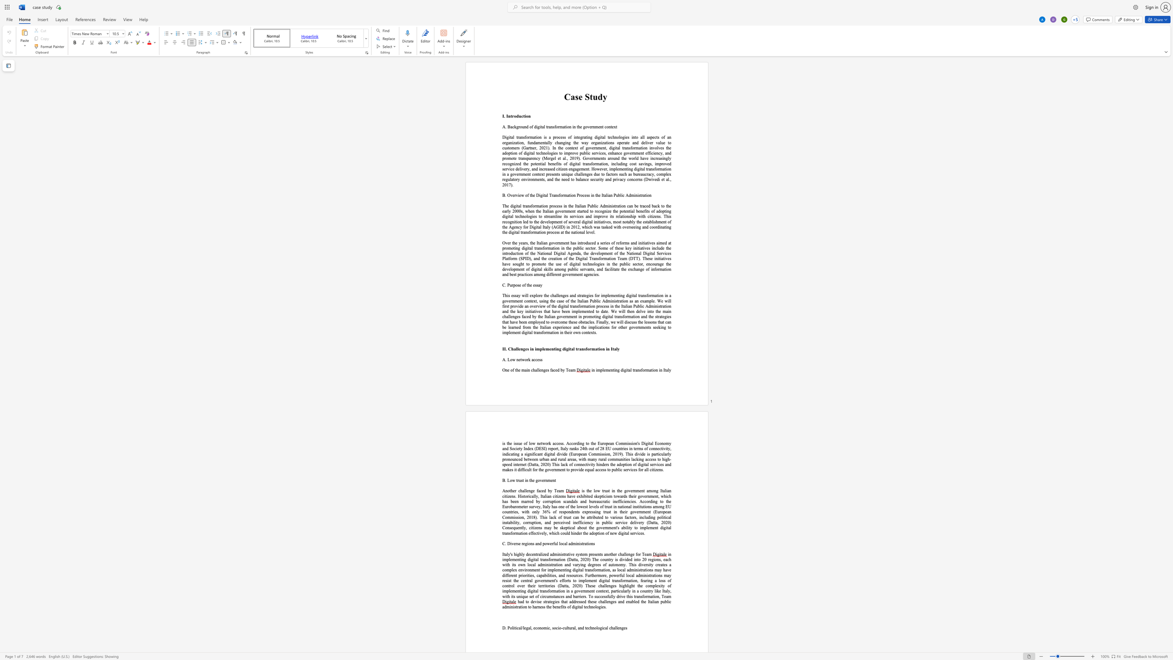  I want to click on the space between the continuous character "n" and "m" in the text, so click(608, 527).